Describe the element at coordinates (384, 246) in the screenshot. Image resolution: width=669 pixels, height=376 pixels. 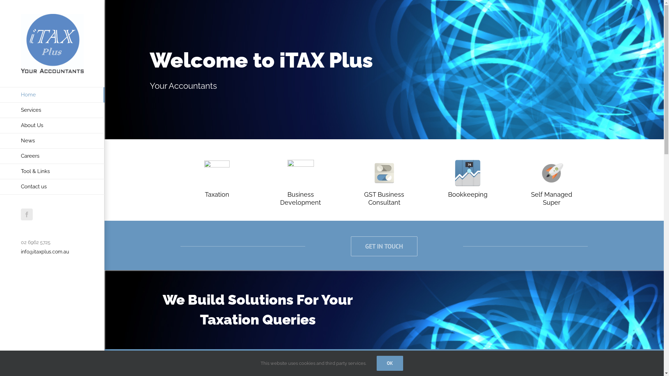
I see `'GET IN TOUCH'` at that location.